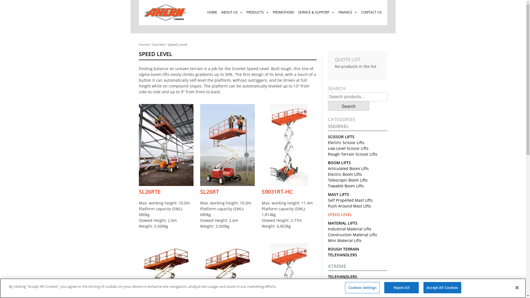 The image size is (530, 298). What do you see at coordinates (401, 287) in the screenshot?
I see `'Reject All'` at bounding box center [401, 287].